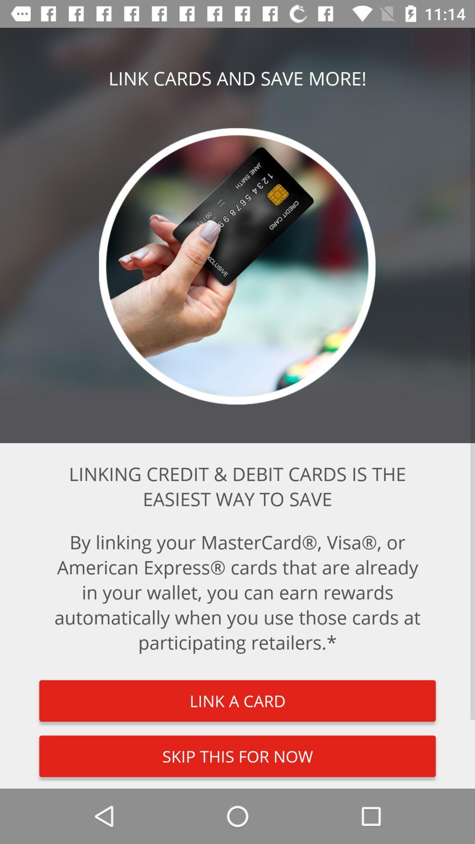 Image resolution: width=475 pixels, height=844 pixels. I want to click on item above skip this for, so click(237, 700).